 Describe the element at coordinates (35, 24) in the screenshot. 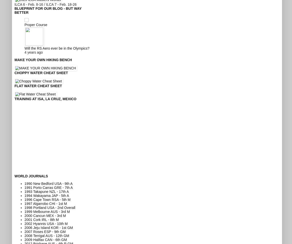

I see `'Proper Course'` at that location.